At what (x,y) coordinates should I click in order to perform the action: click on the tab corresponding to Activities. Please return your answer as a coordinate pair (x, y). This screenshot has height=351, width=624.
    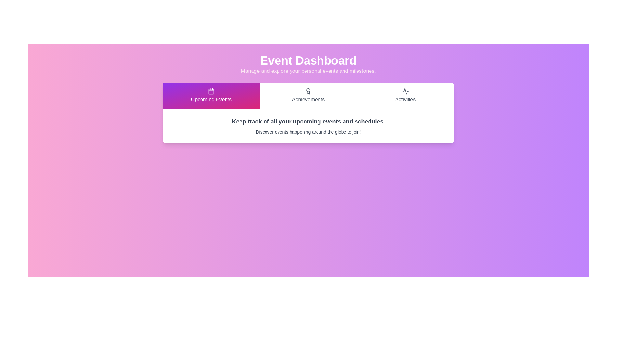
    Looking at the image, I should click on (405, 96).